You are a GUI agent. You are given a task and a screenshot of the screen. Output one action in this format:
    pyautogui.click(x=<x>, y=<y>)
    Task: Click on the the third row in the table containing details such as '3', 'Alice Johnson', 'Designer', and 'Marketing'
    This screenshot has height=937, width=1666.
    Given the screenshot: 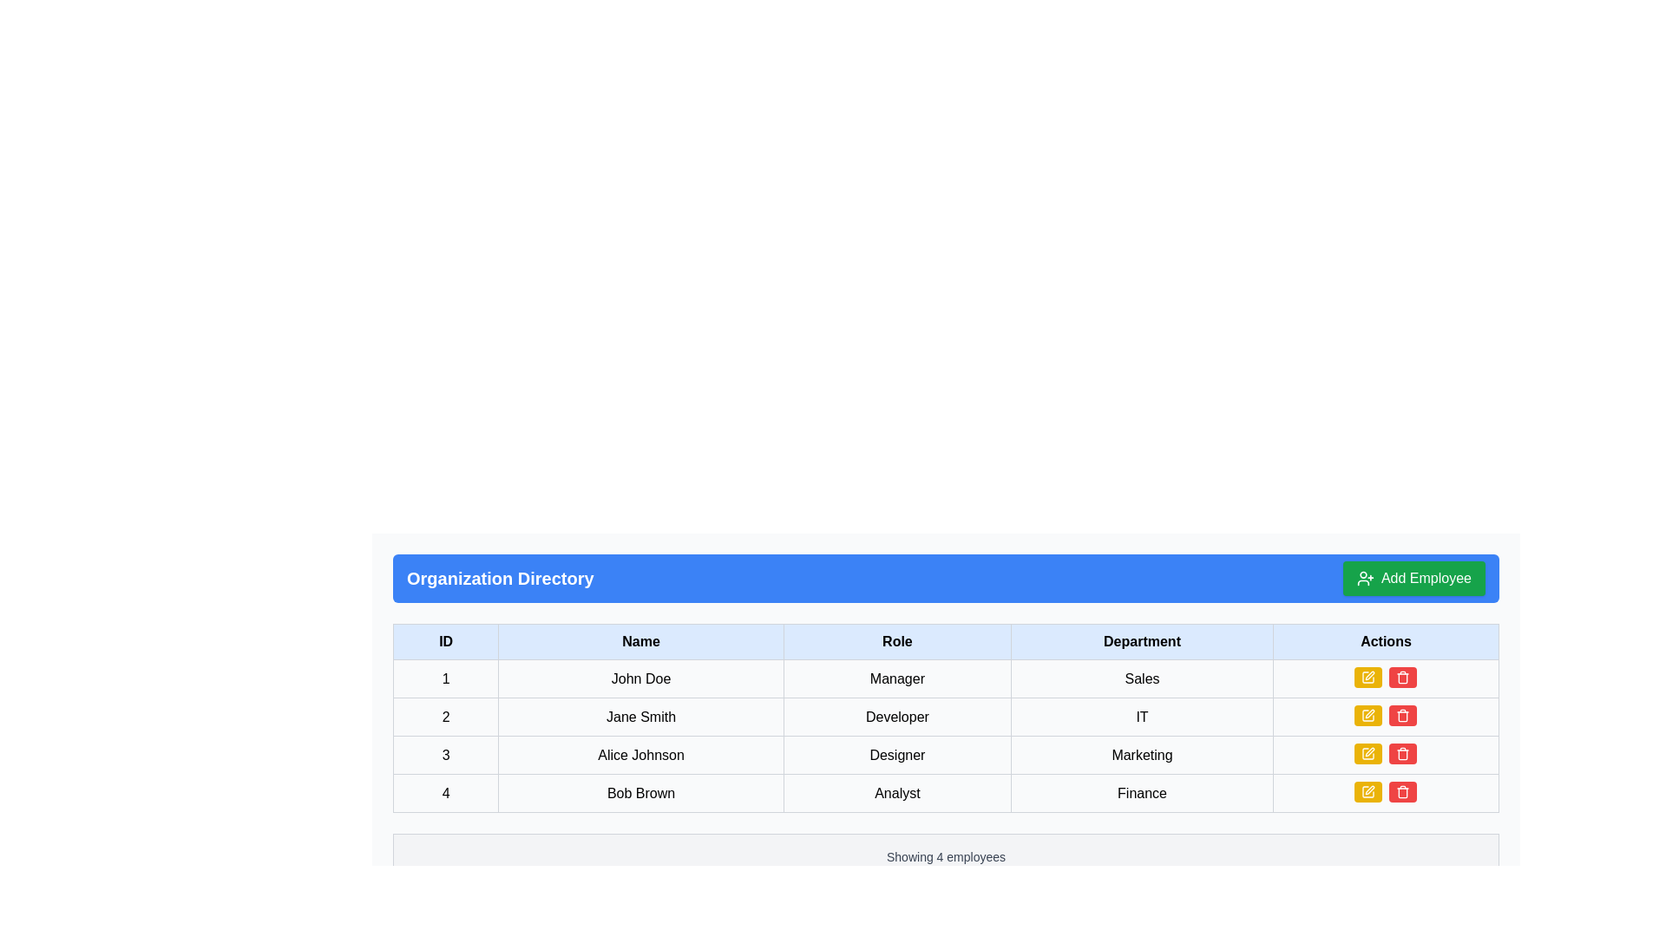 What is the action you would take?
    pyautogui.click(x=945, y=754)
    